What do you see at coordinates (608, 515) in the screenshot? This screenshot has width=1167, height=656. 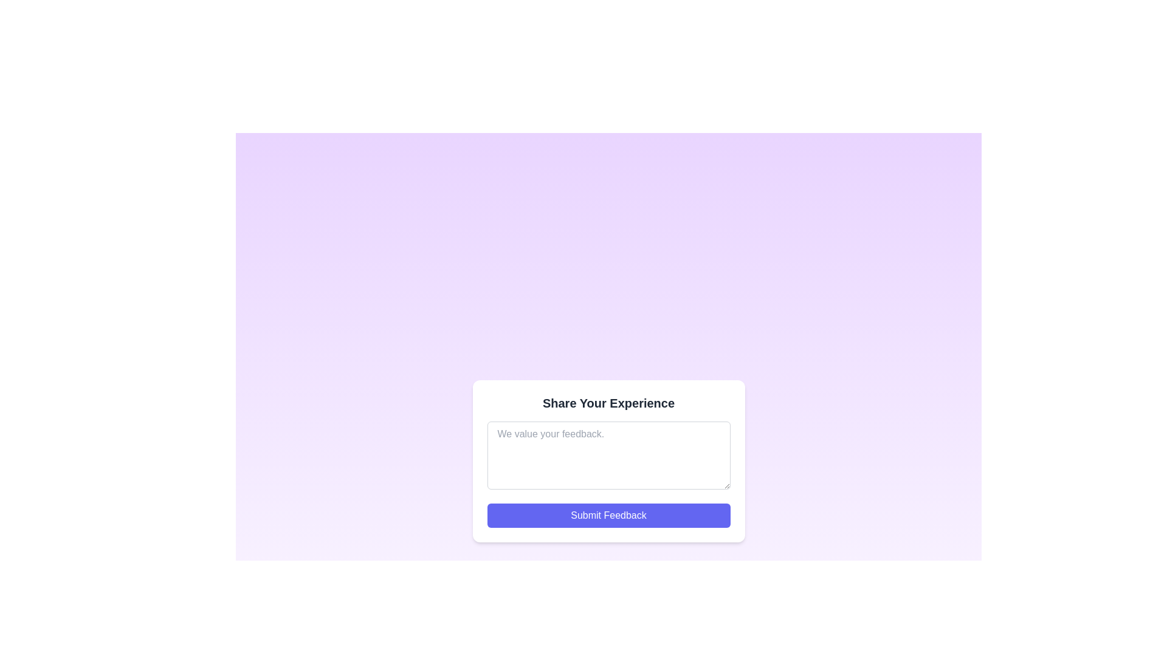 I see `'Submit Feedback' button to submit the feedback` at bounding box center [608, 515].